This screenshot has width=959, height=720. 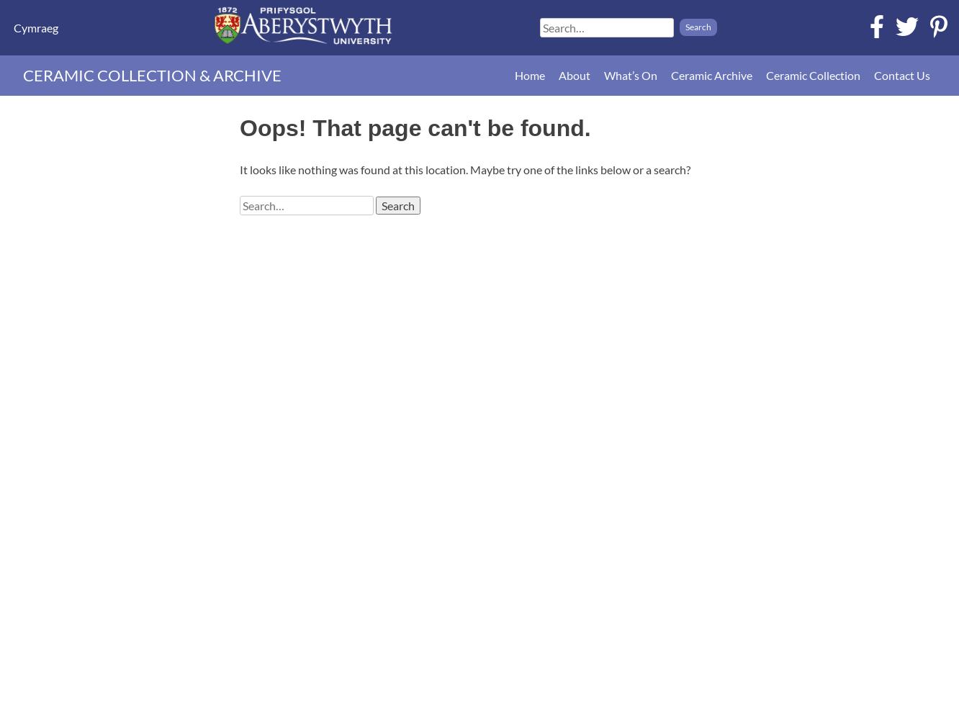 What do you see at coordinates (14, 27) in the screenshot?
I see `'Cymraeg'` at bounding box center [14, 27].